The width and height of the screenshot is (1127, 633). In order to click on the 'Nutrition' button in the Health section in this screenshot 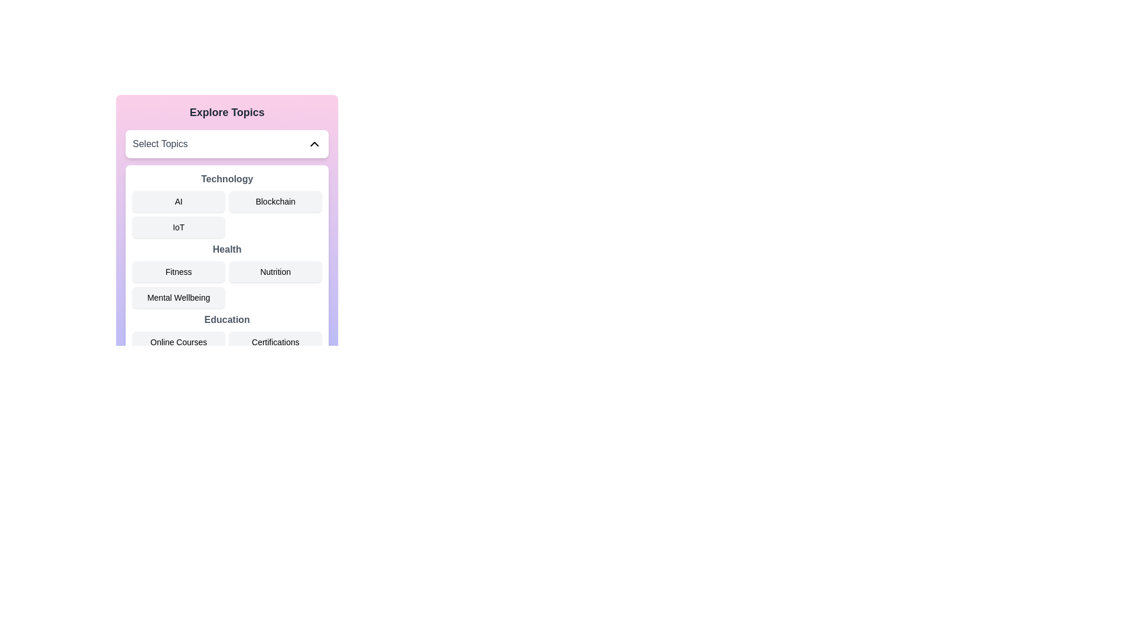, I will do `click(227, 275)`.